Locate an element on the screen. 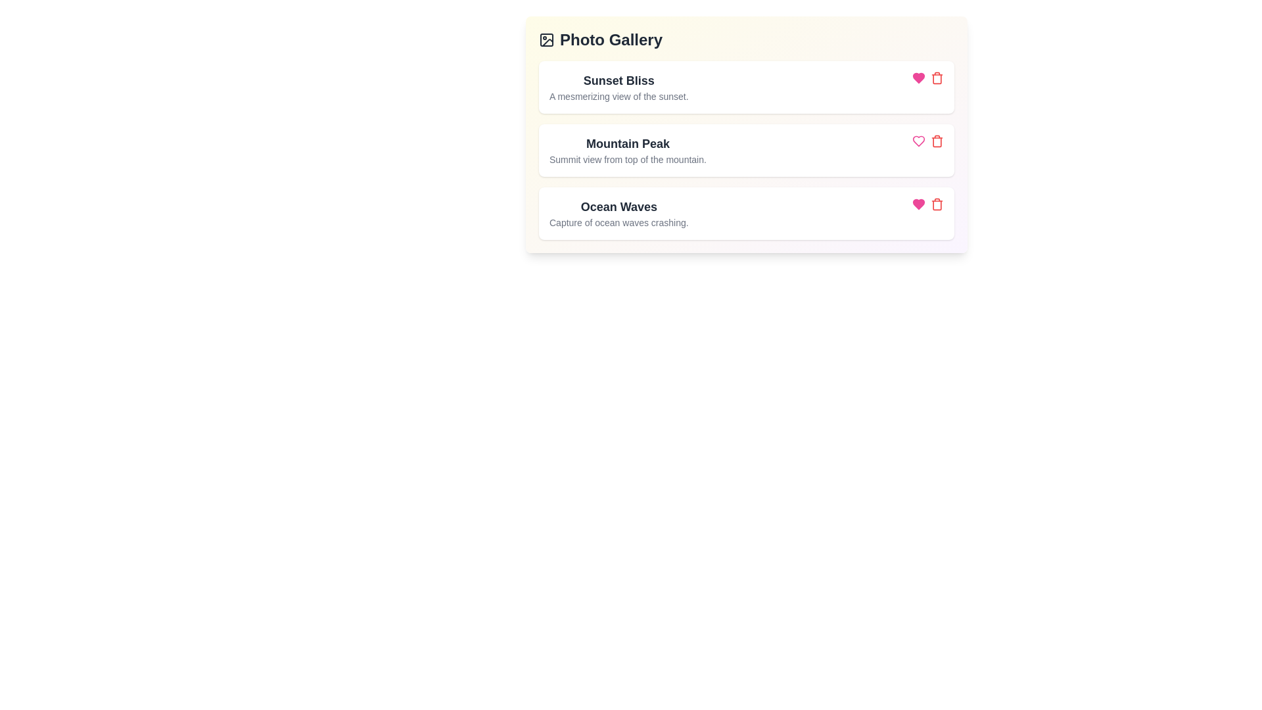 Image resolution: width=1262 pixels, height=710 pixels. the delete button corresponding to the photo titled Sunset Bliss is located at coordinates (936, 78).